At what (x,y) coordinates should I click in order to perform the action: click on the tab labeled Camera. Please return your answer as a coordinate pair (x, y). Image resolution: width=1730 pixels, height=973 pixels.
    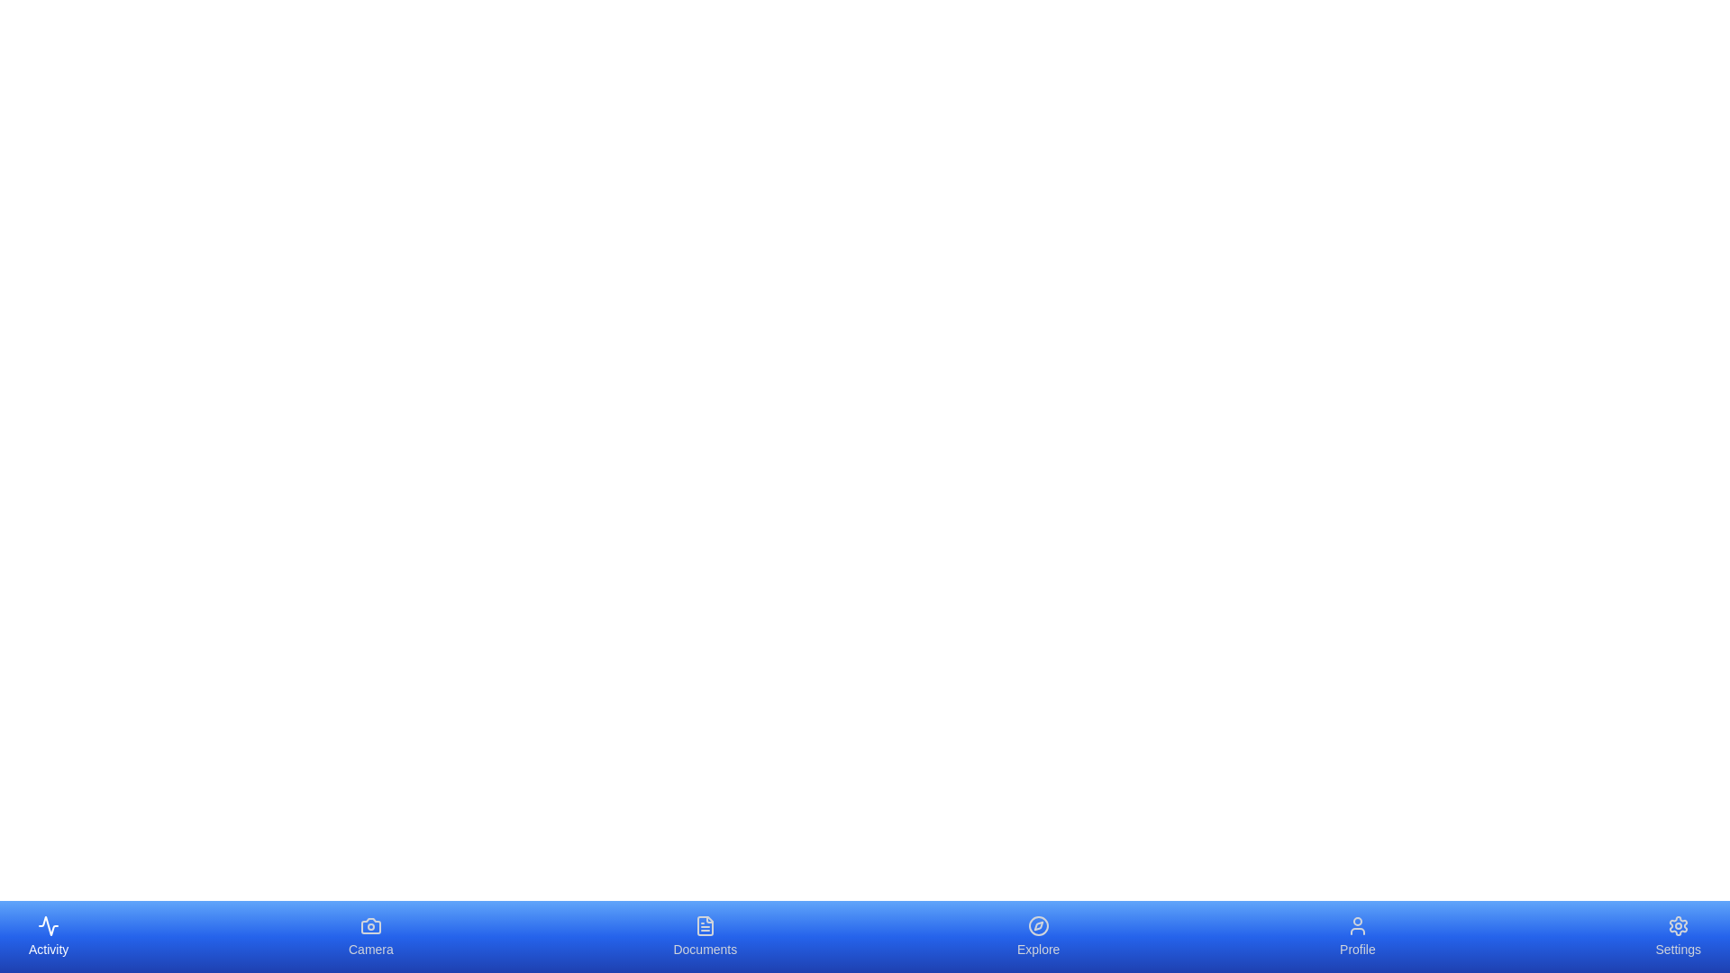
    Looking at the image, I should click on (369, 936).